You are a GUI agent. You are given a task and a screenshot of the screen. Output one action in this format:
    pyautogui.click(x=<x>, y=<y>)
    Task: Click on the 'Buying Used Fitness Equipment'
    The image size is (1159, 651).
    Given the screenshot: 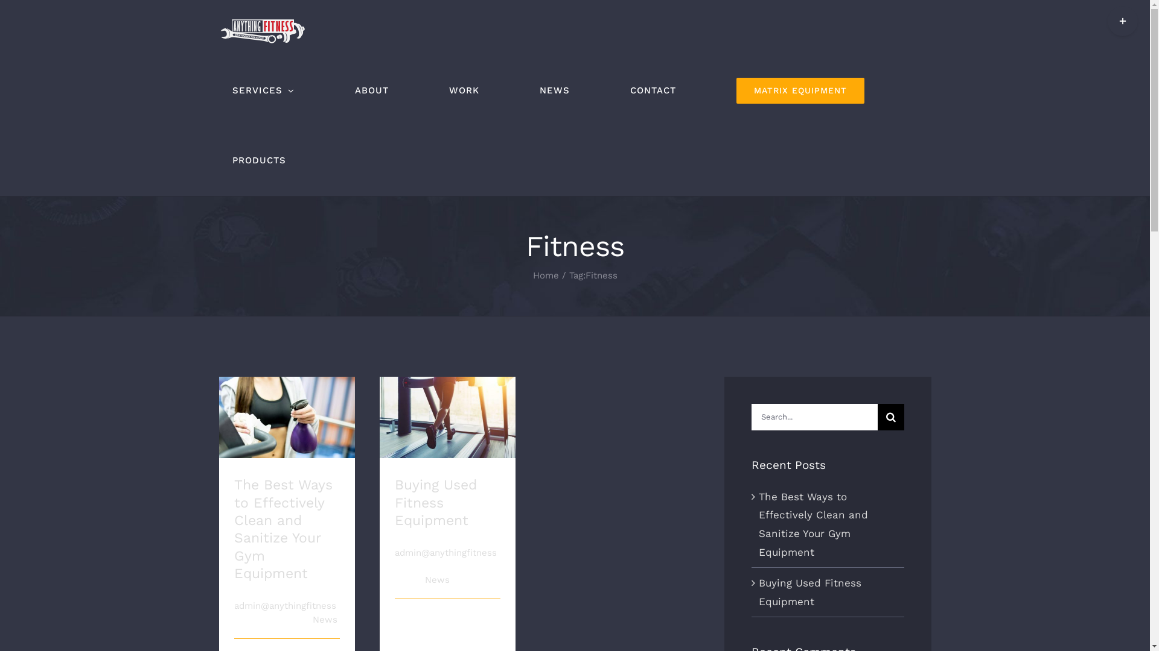 What is the action you would take?
    pyautogui.click(x=435, y=502)
    